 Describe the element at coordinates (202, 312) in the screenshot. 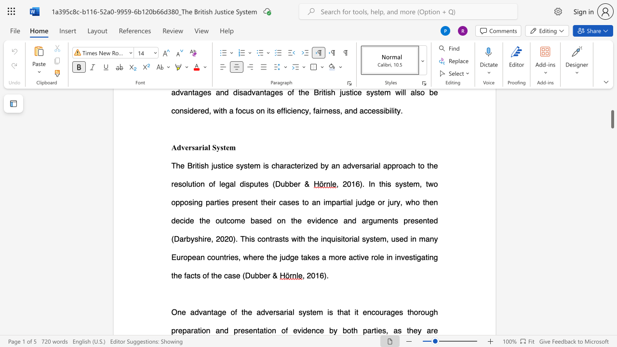

I see `the space between the continuous character "v" and "a" in the text` at that location.